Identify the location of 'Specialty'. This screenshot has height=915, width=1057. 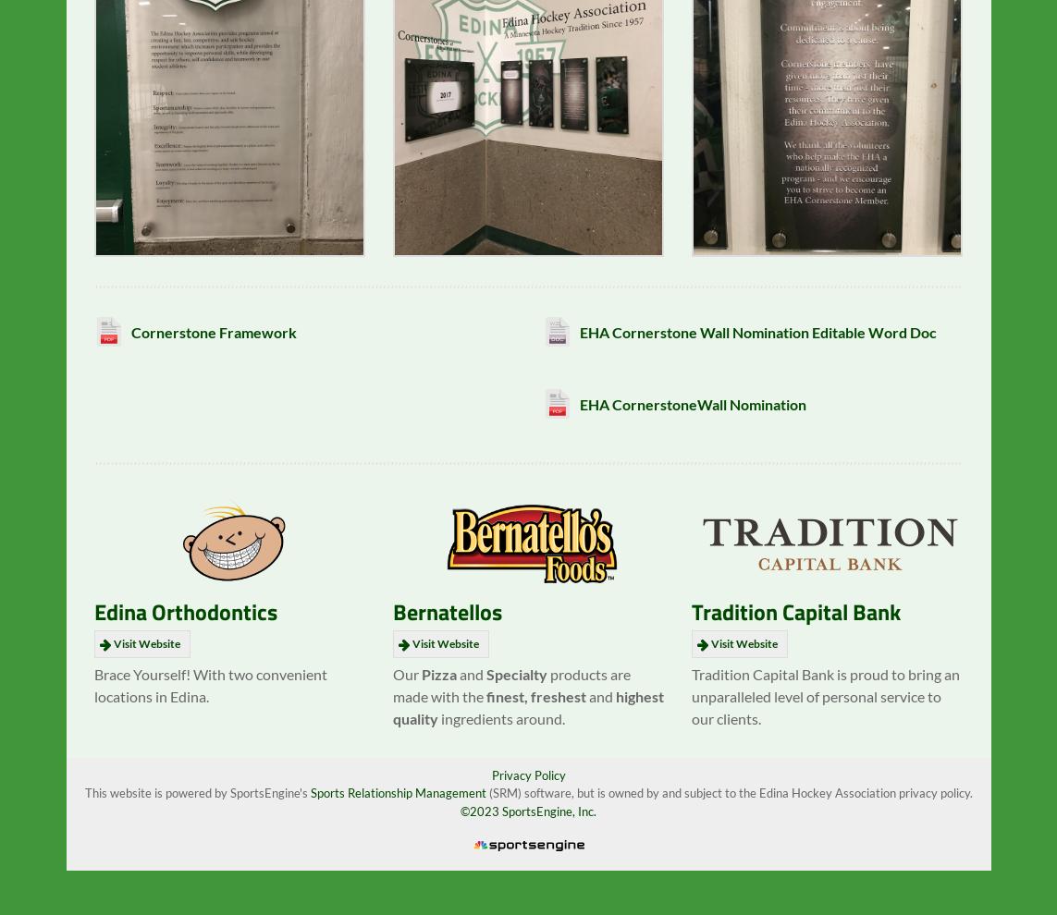
(517, 686).